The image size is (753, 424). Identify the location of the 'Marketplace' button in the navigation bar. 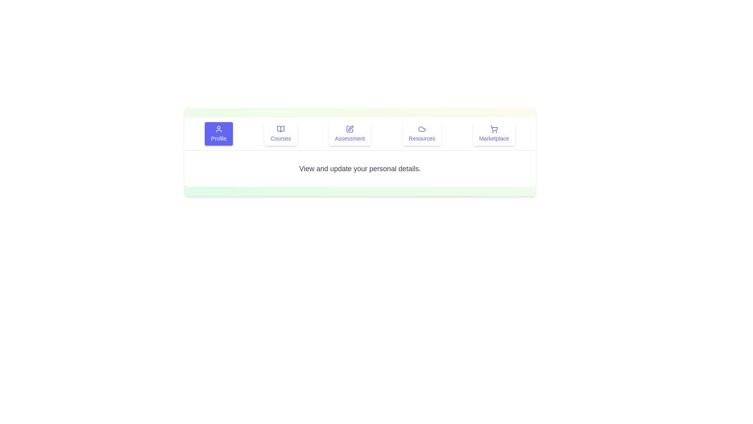
(493, 133).